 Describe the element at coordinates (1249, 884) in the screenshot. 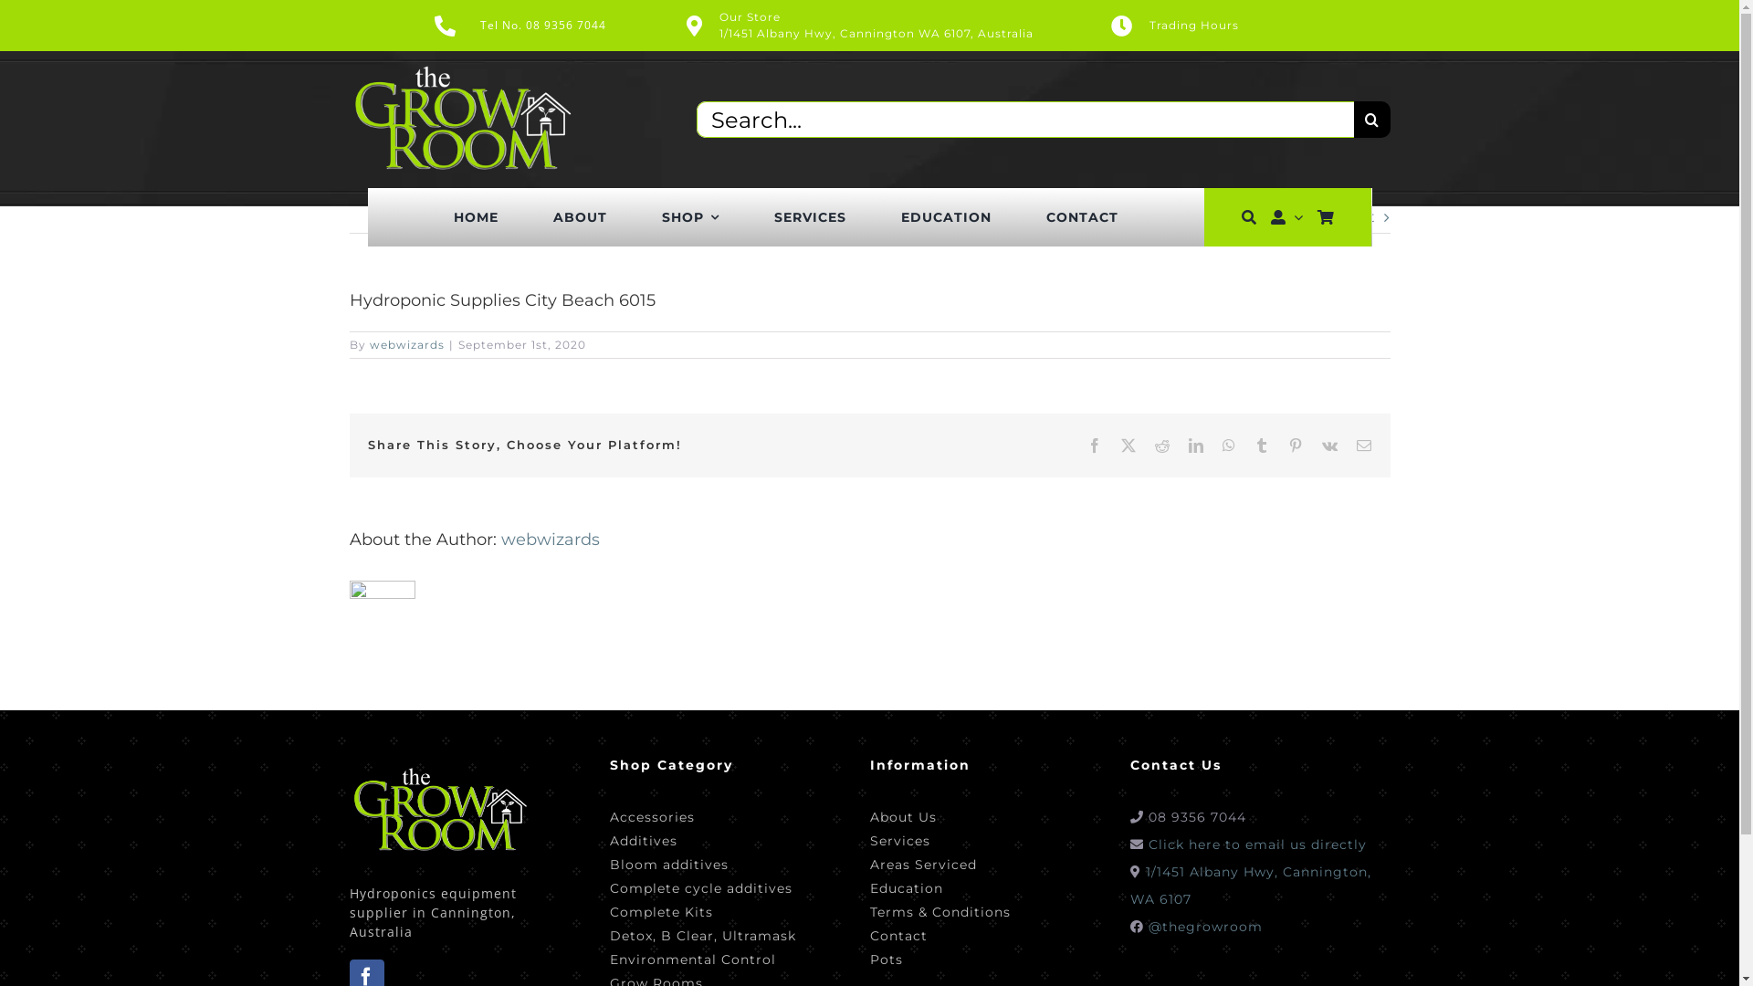

I see `'1/1451 Albany Hwy, Cannington, WA 6107'` at that location.